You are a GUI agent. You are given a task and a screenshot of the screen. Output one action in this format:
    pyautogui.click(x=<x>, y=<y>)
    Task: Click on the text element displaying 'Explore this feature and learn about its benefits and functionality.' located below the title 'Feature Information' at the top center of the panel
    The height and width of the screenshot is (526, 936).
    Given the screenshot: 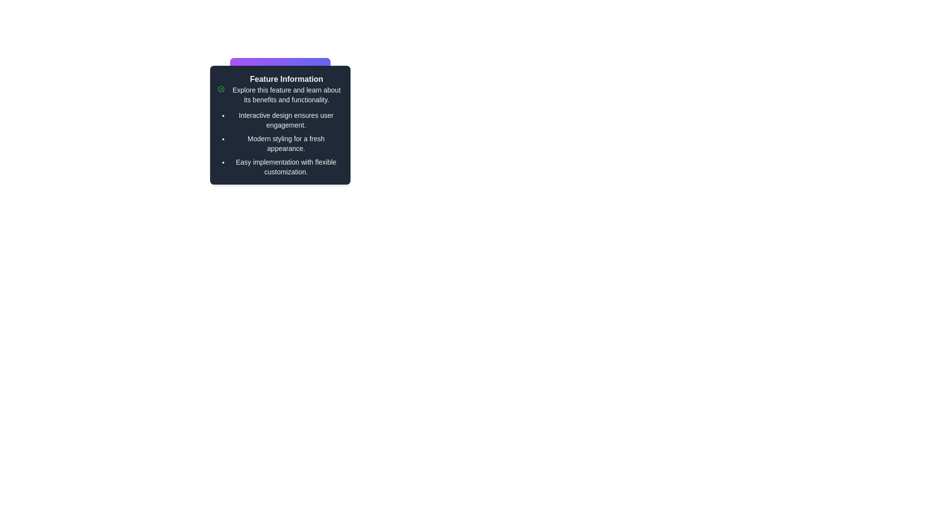 What is the action you would take?
    pyautogui.click(x=286, y=95)
    